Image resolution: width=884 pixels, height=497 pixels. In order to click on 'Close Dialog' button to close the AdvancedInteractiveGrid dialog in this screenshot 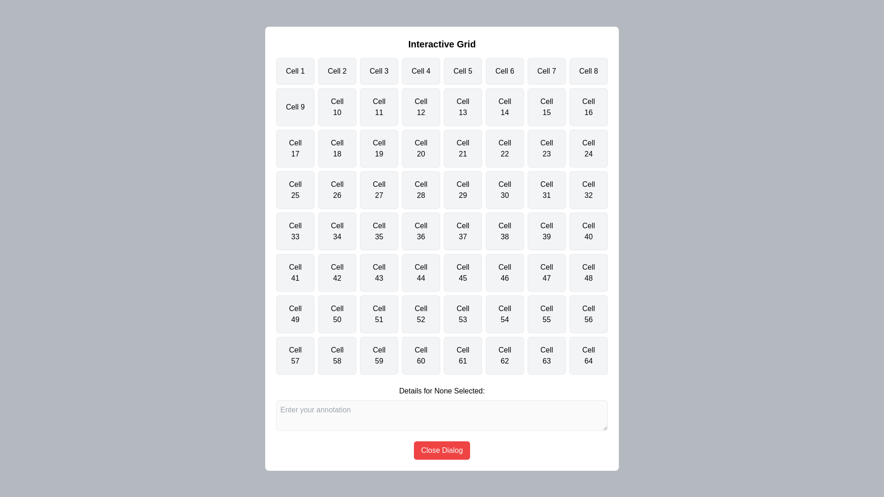, I will do `click(442, 450)`.